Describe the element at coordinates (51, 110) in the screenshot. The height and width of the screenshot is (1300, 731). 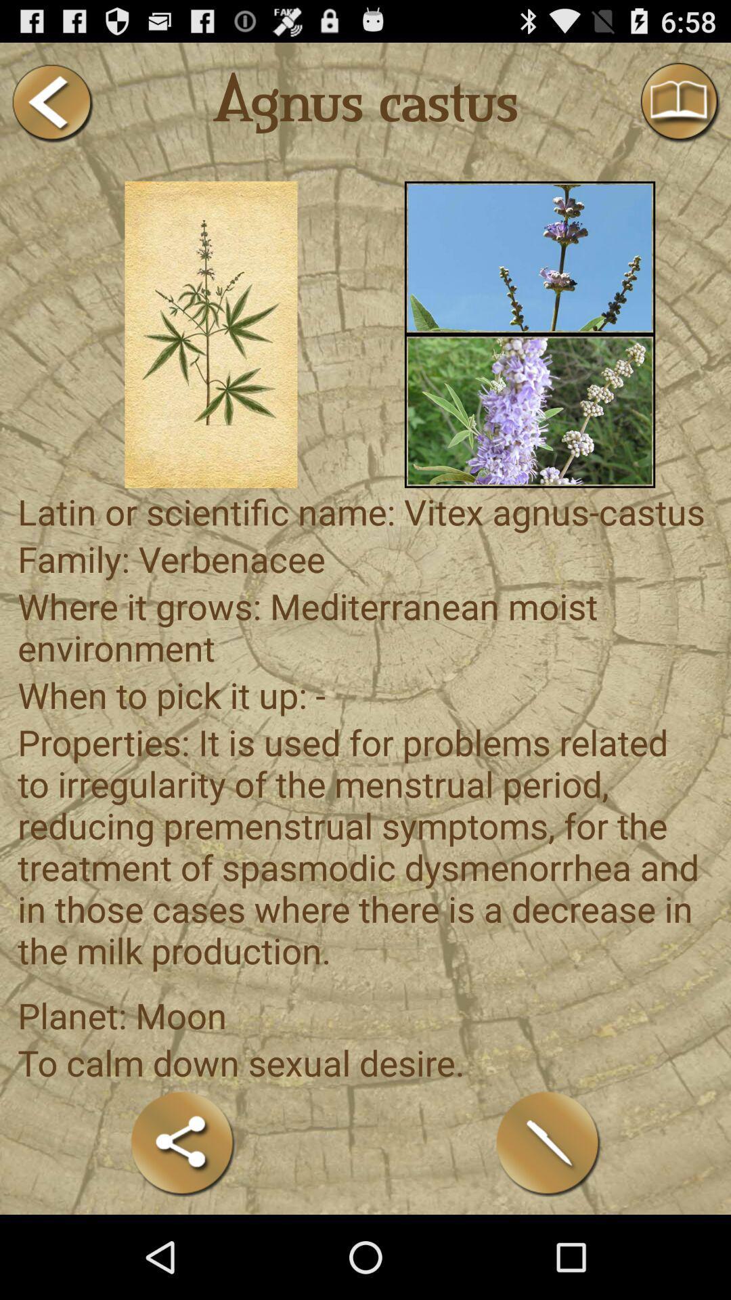
I see `the arrow_backward icon` at that location.